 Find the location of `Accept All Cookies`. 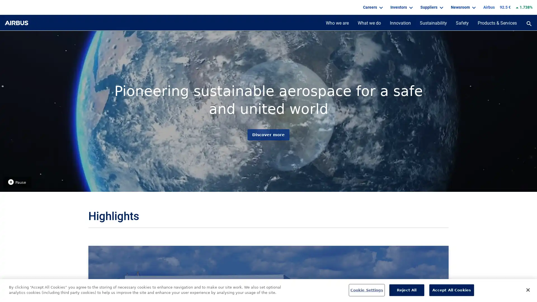

Accept All Cookies is located at coordinates (451, 290).